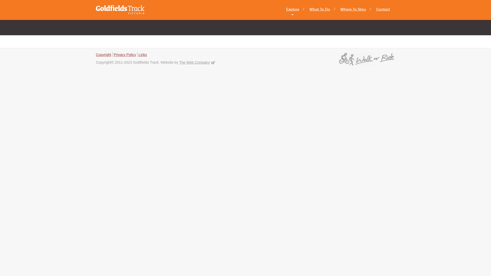  I want to click on 'Goldfields Track', so click(120, 10).